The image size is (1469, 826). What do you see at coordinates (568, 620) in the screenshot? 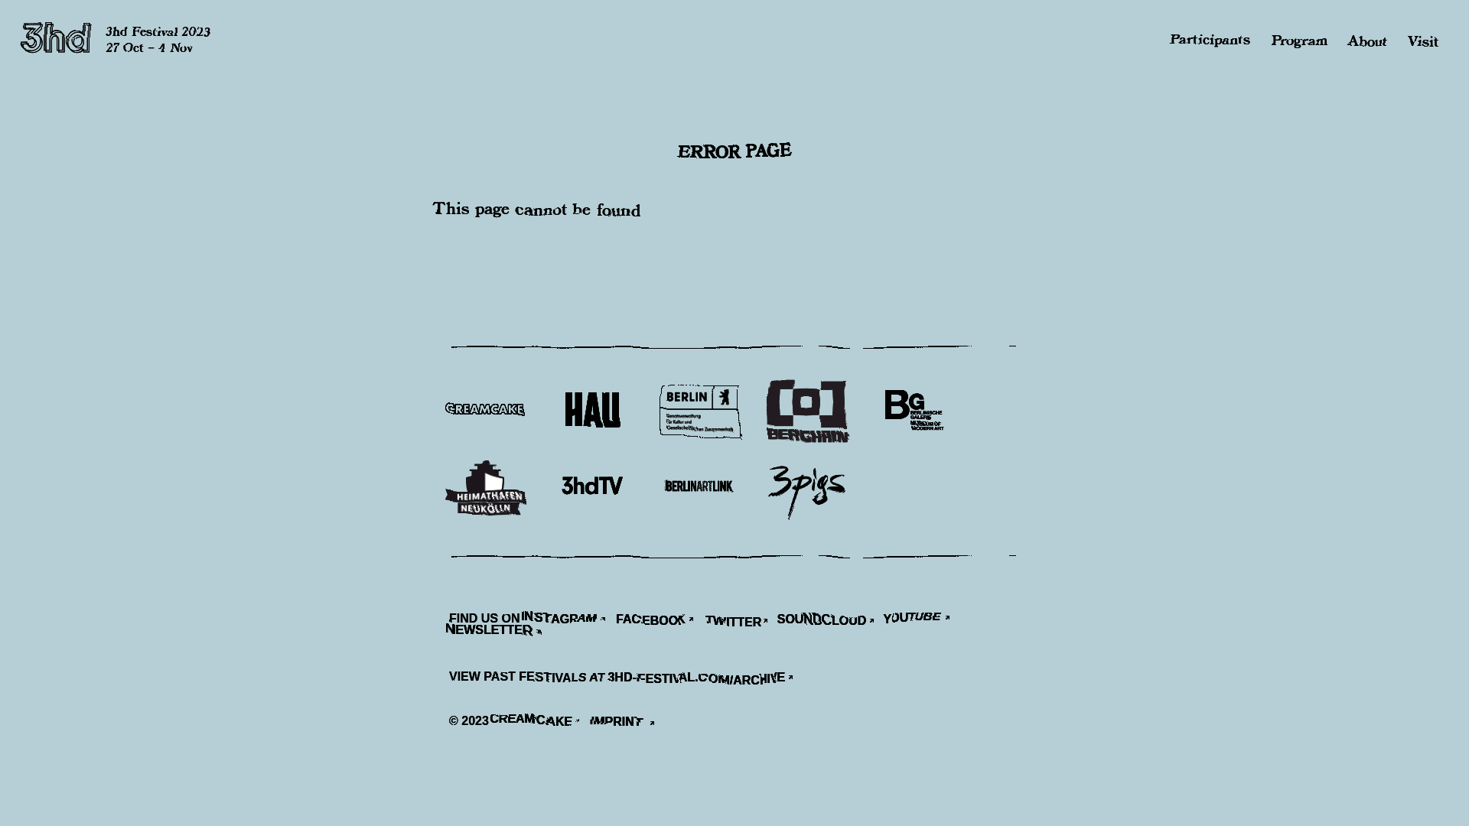
I see `'INSTAGRAM'` at bounding box center [568, 620].